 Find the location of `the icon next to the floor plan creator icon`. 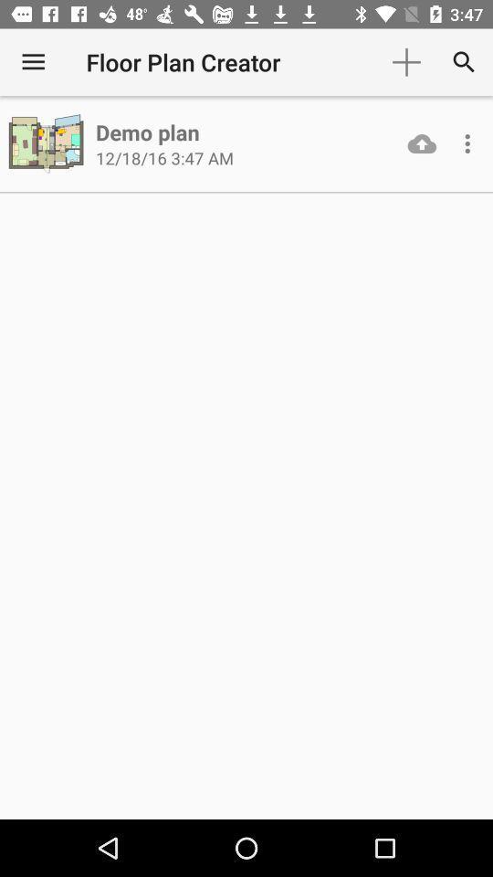

the icon next to the floor plan creator icon is located at coordinates (406, 62).